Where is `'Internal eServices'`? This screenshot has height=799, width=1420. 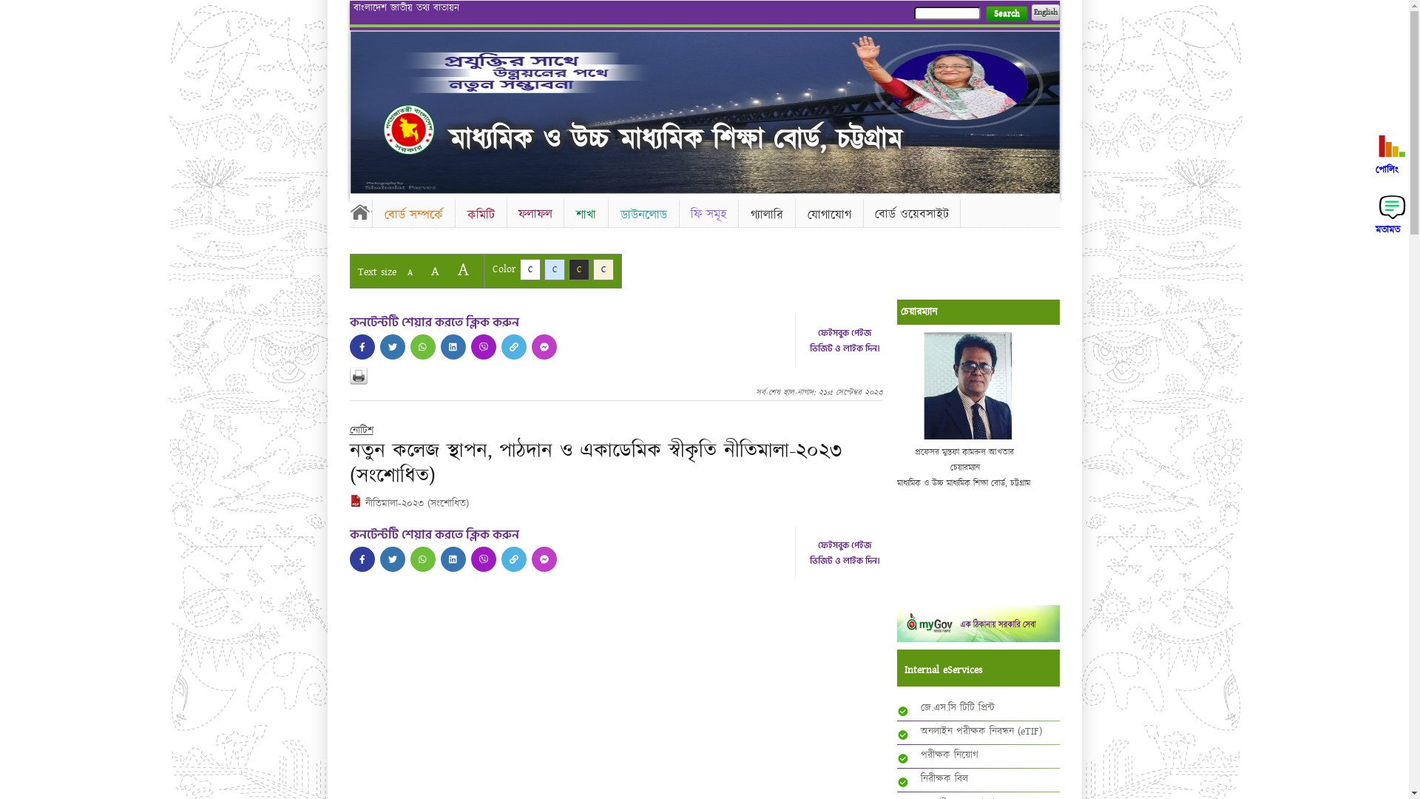
'Internal eServices' is located at coordinates (903, 670).